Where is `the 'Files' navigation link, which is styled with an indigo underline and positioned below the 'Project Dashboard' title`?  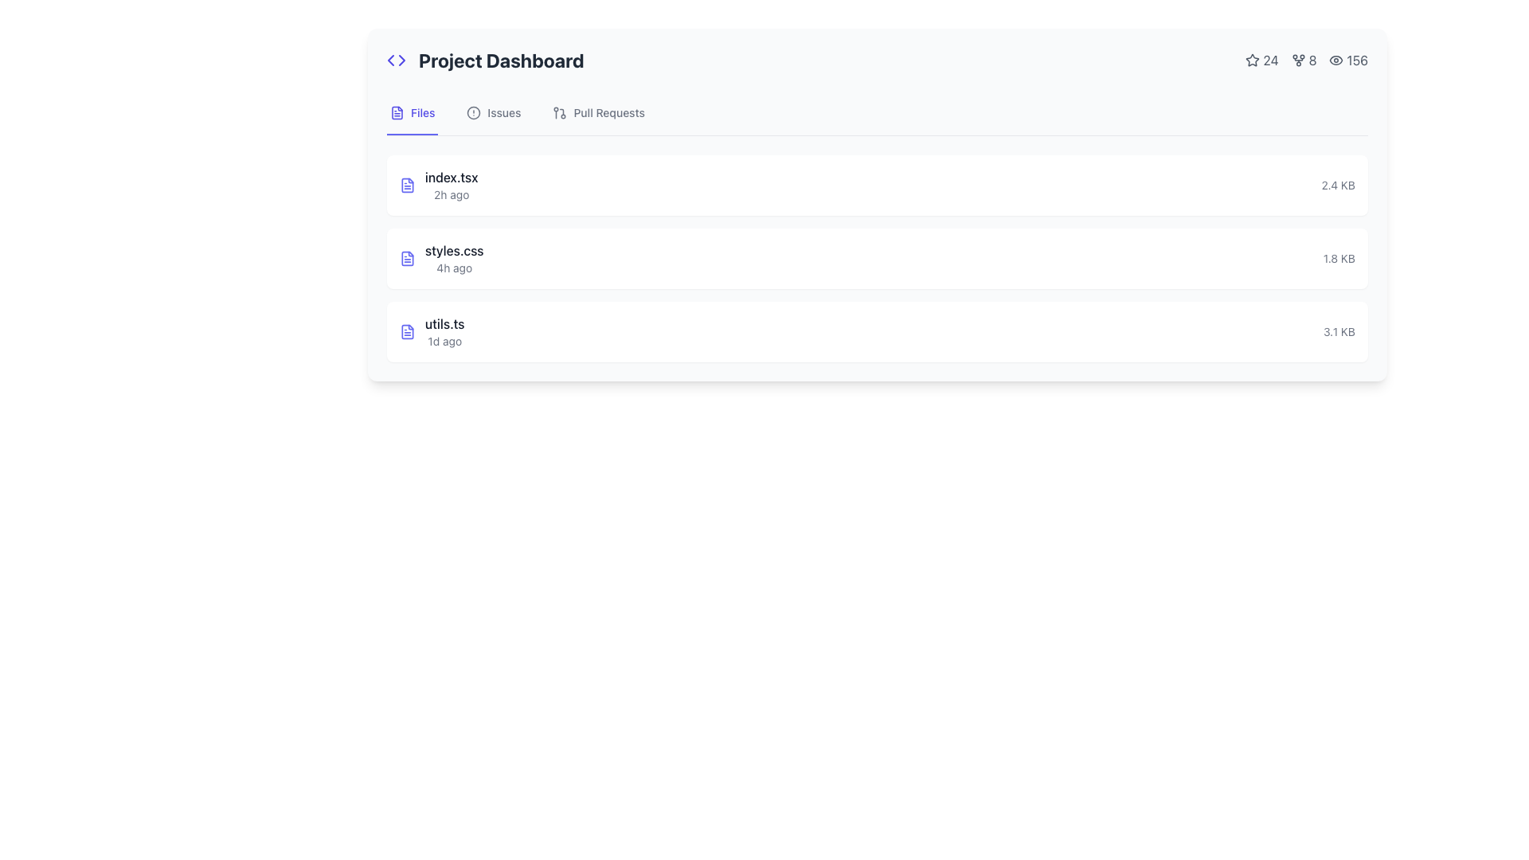 the 'Files' navigation link, which is styled with an indigo underline and positioned below the 'Project Dashboard' title is located at coordinates (413, 112).